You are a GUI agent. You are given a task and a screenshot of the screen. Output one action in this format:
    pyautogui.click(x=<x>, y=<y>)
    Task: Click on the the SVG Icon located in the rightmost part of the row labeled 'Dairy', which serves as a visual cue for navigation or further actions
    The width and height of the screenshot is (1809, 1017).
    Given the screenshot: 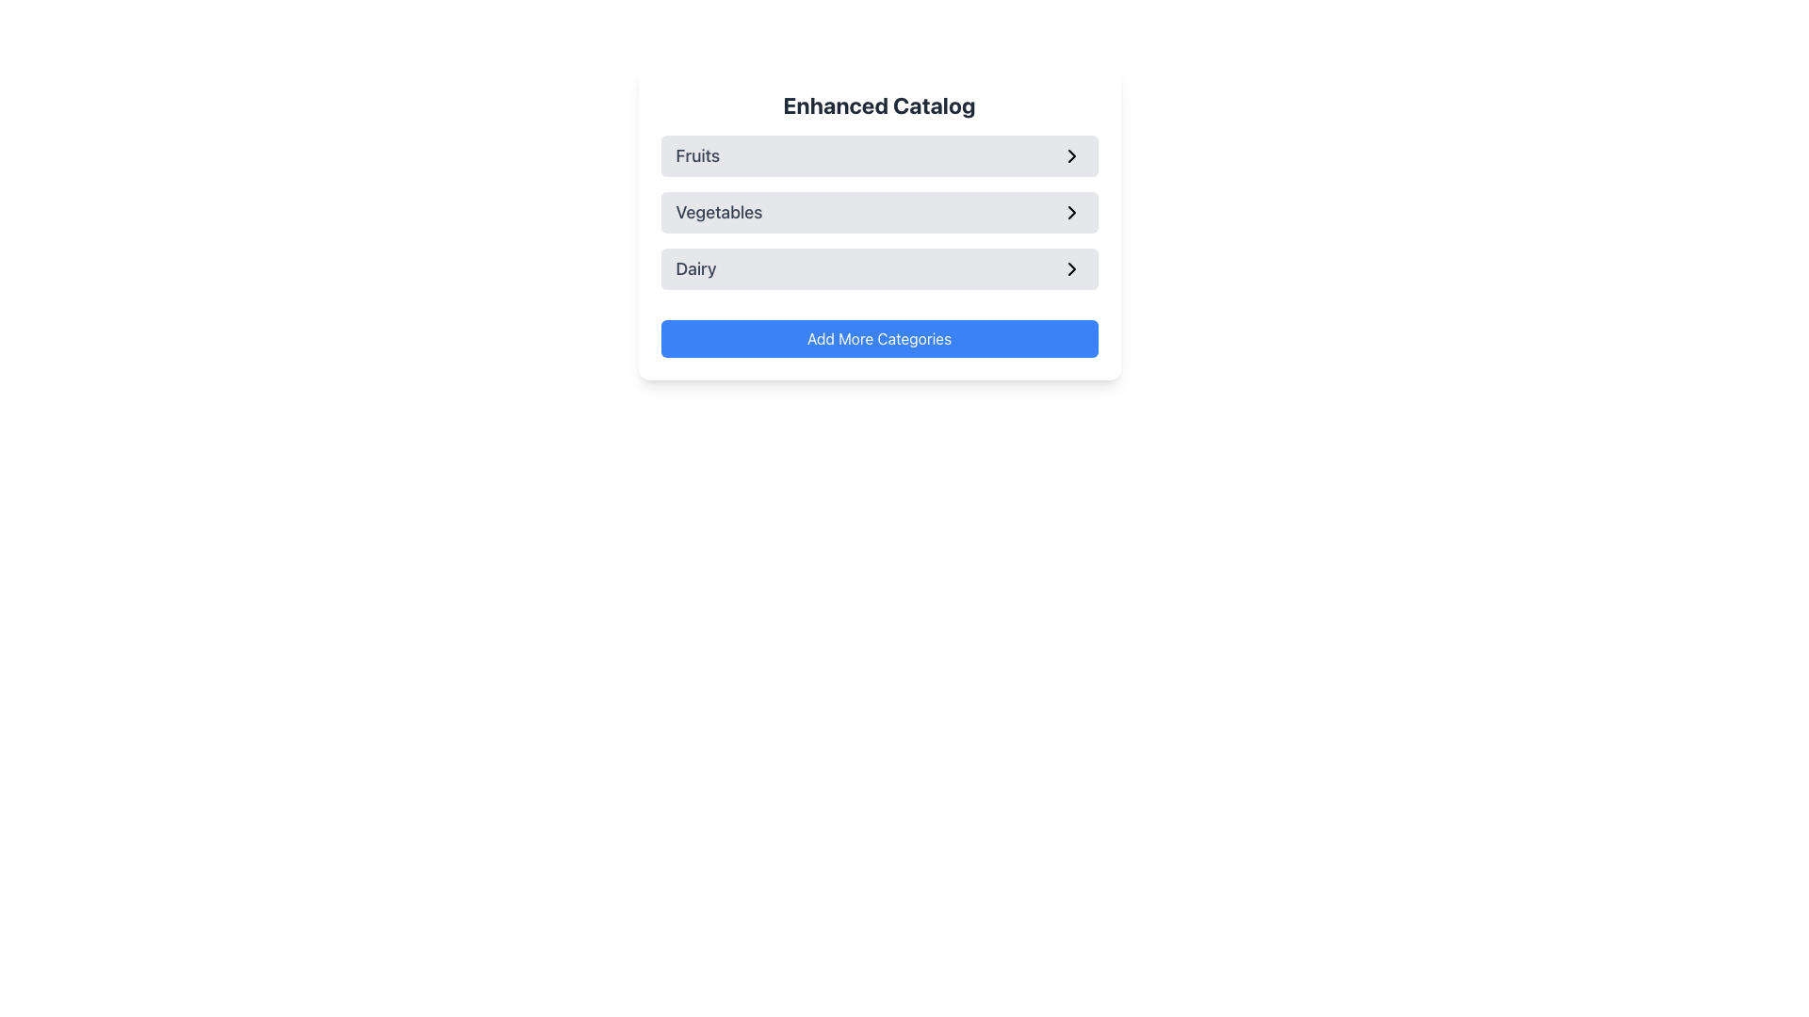 What is the action you would take?
    pyautogui.click(x=1071, y=268)
    